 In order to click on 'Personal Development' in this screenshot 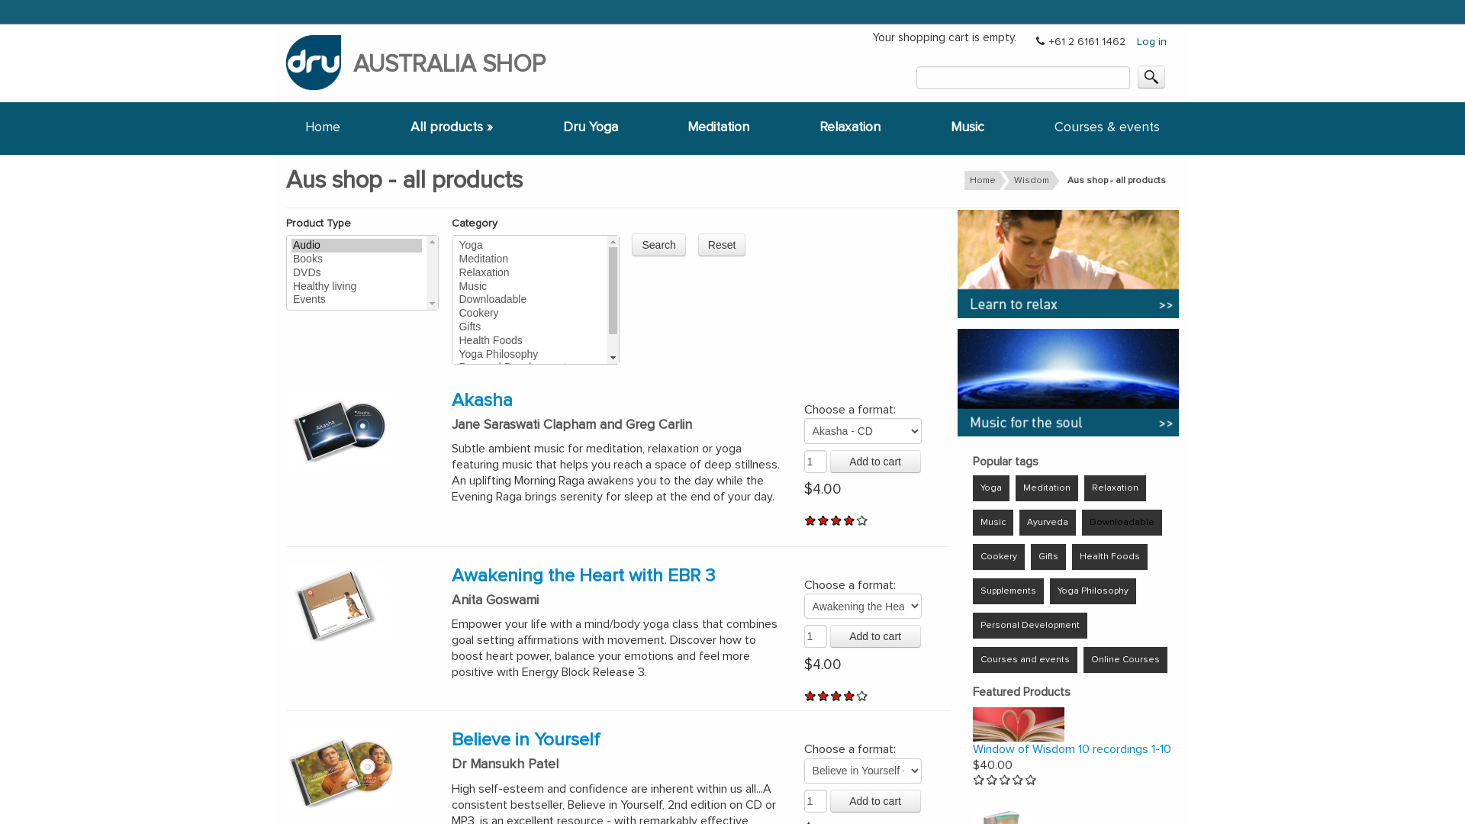, I will do `click(1029, 626)`.